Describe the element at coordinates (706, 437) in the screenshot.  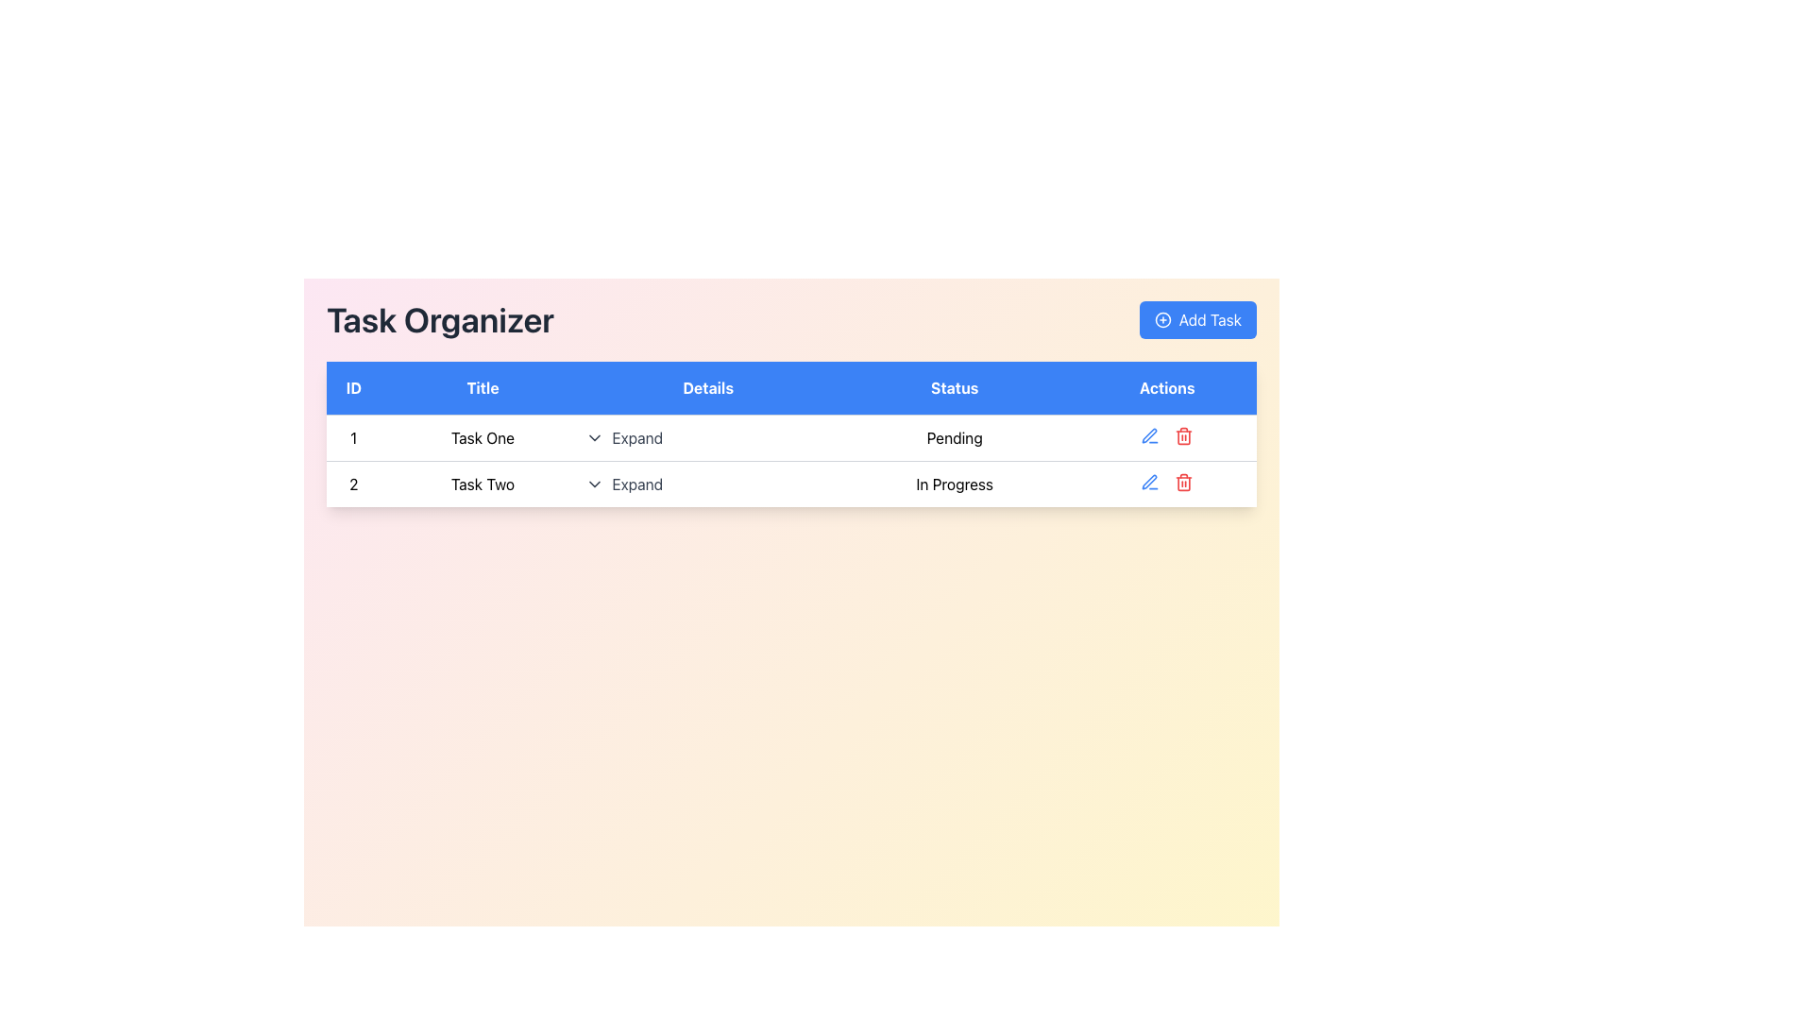
I see `the Dropdown indicator in the first row of the 'Details' column` at that location.